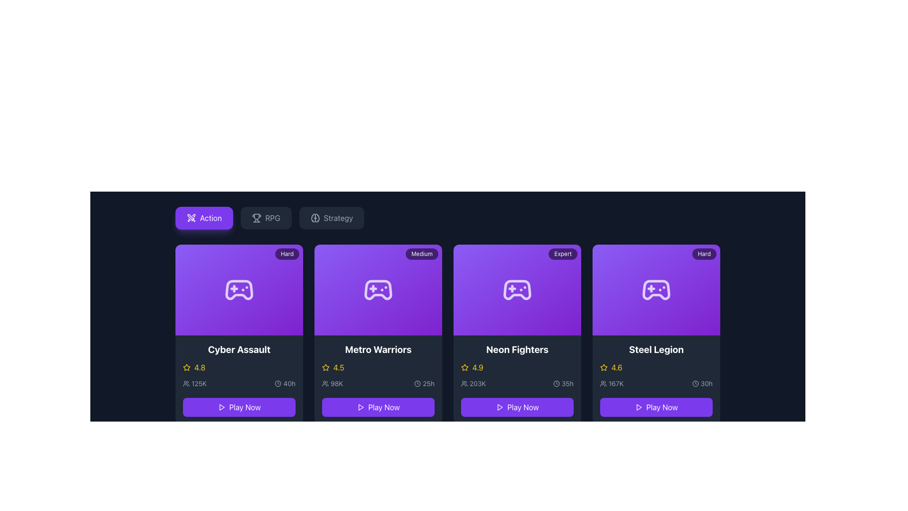 Image resolution: width=908 pixels, height=511 pixels. What do you see at coordinates (639, 406) in the screenshot?
I see `the play icon located within the 'Play Now' button of the 'Steel Legion' card, which is the right-most card in a series of four` at bounding box center [639, 406].